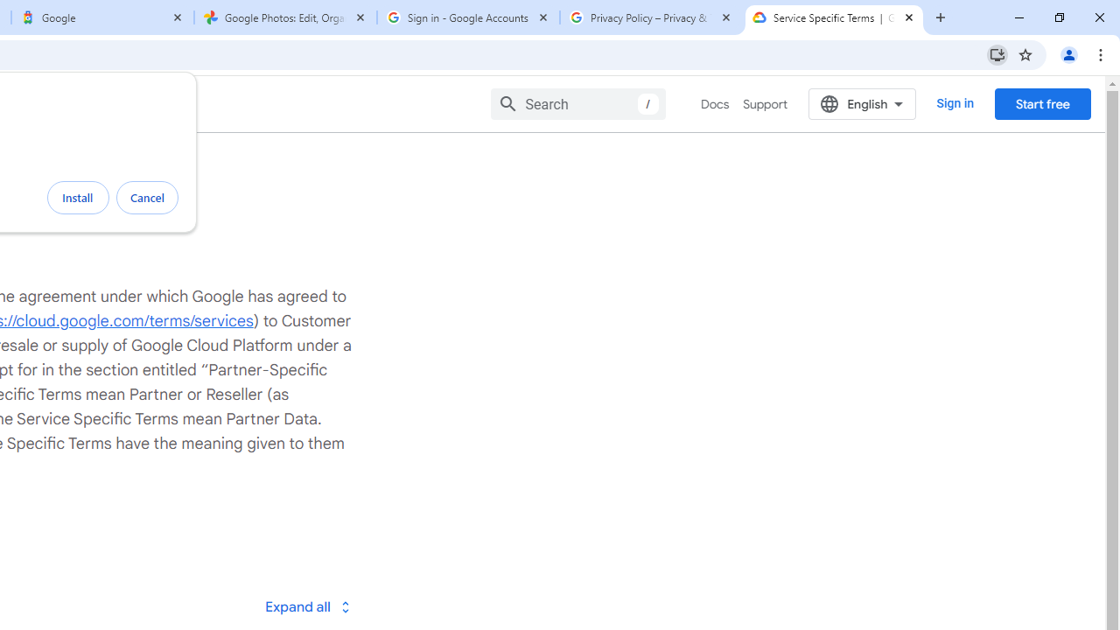  Describe the element at coordinates (147, 197) in the screenshot. I see `'Cancel'` at that location.